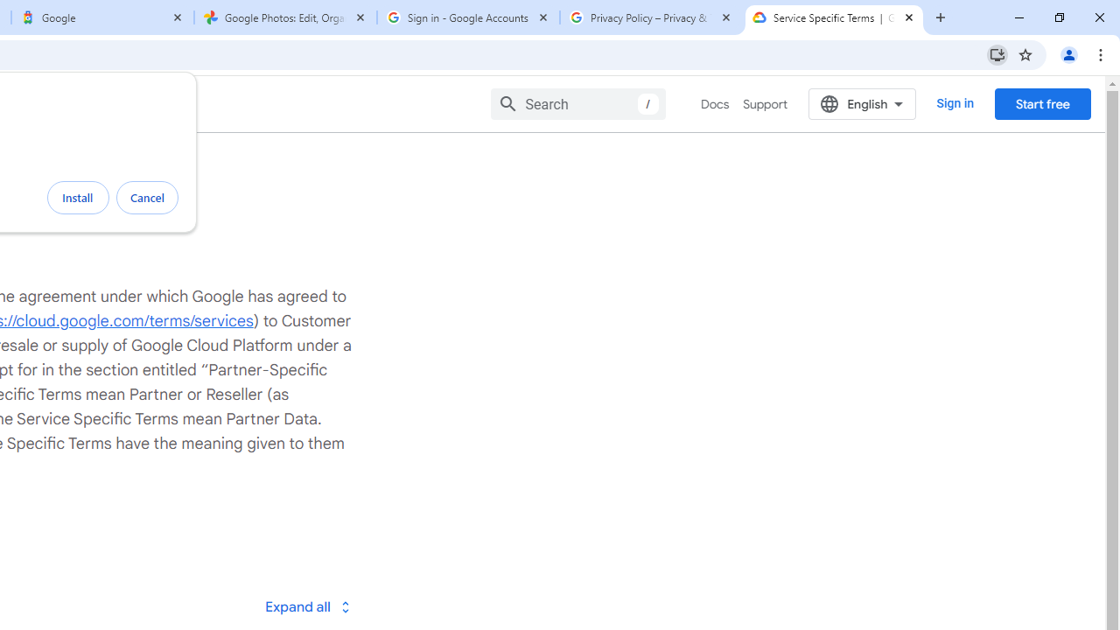  Describe the element at coordinates (147, 197) in the screenshot. I see `'Cancel'` at that location.